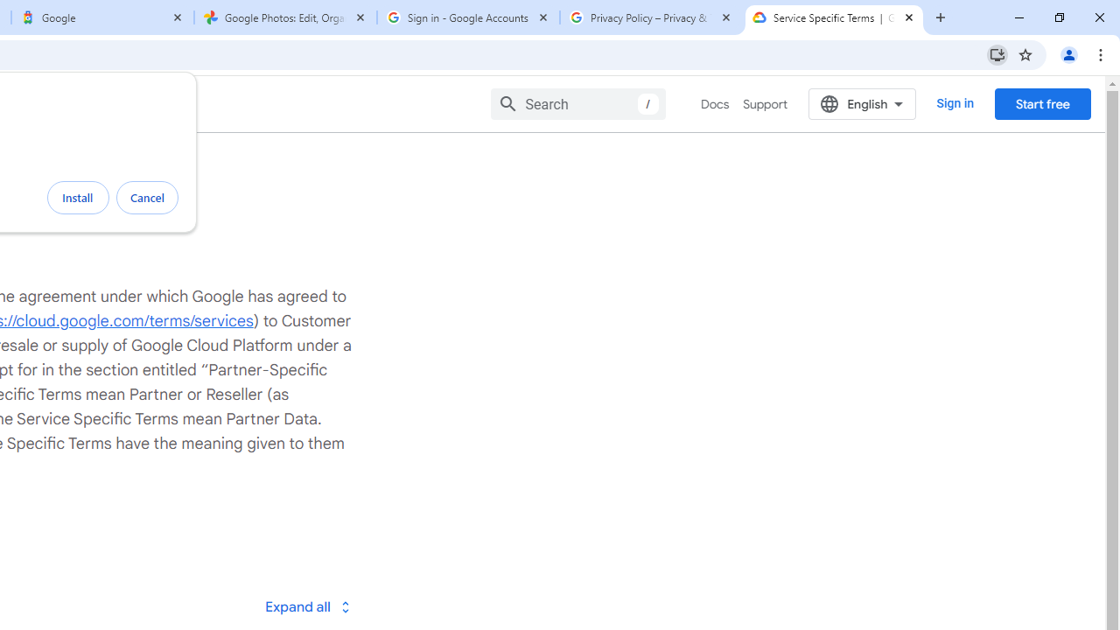  Describe the element at coordinates (147, 197) in the screenshot. I see `'Cancel'` at that location.